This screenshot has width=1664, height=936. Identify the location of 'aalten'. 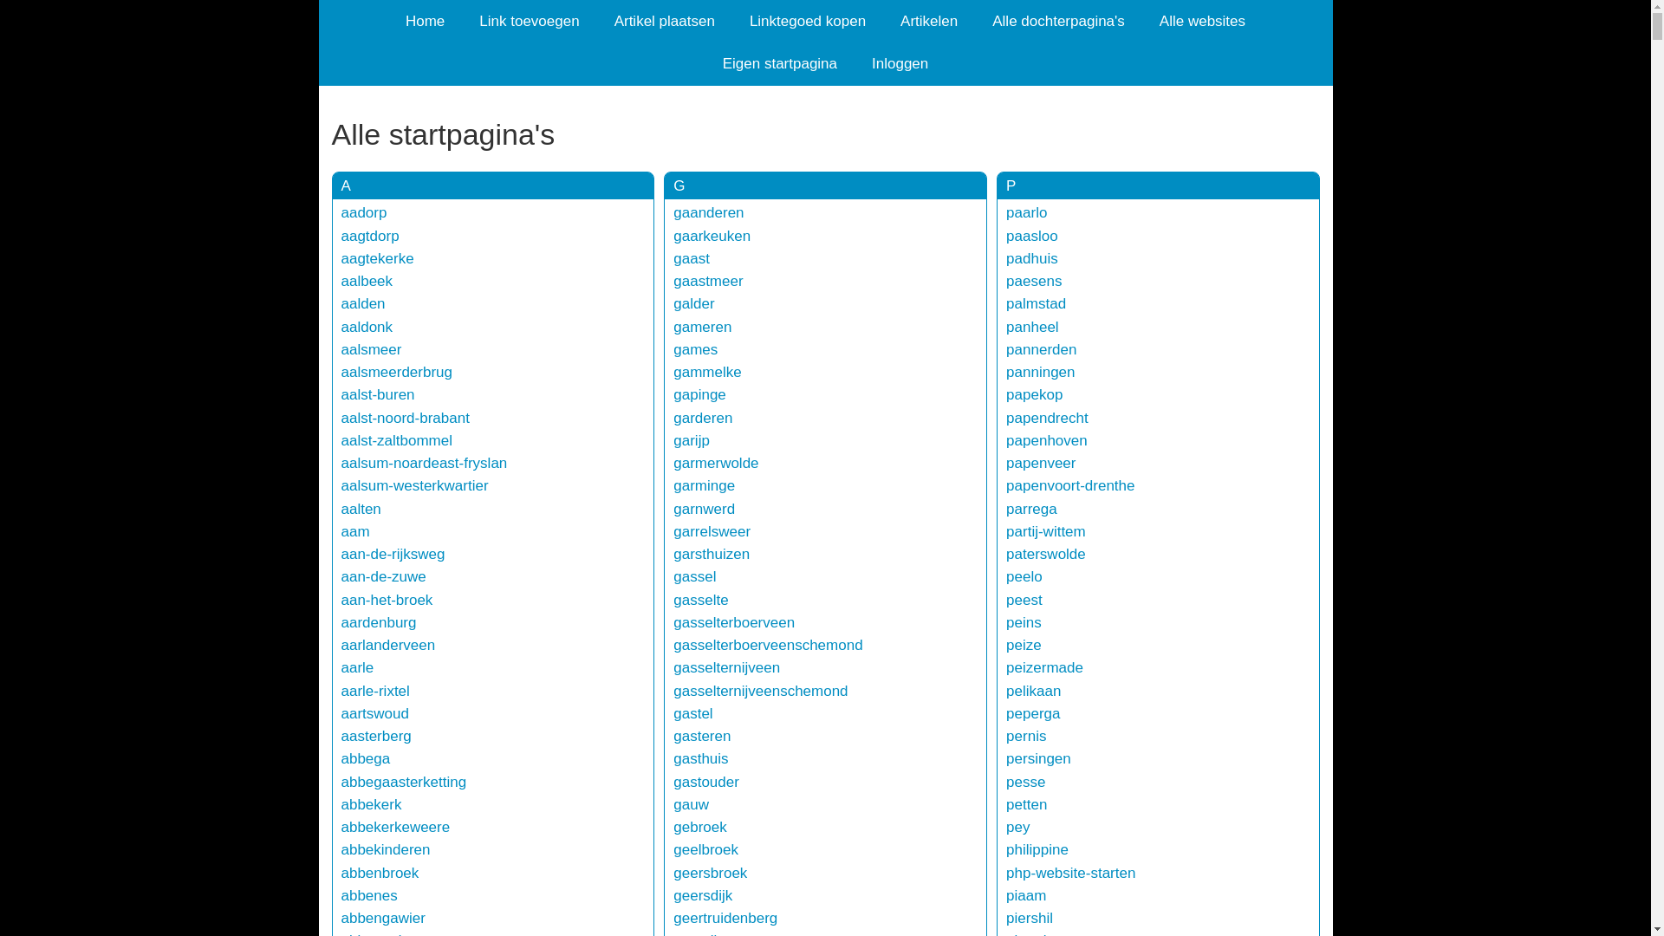
(361, 508).